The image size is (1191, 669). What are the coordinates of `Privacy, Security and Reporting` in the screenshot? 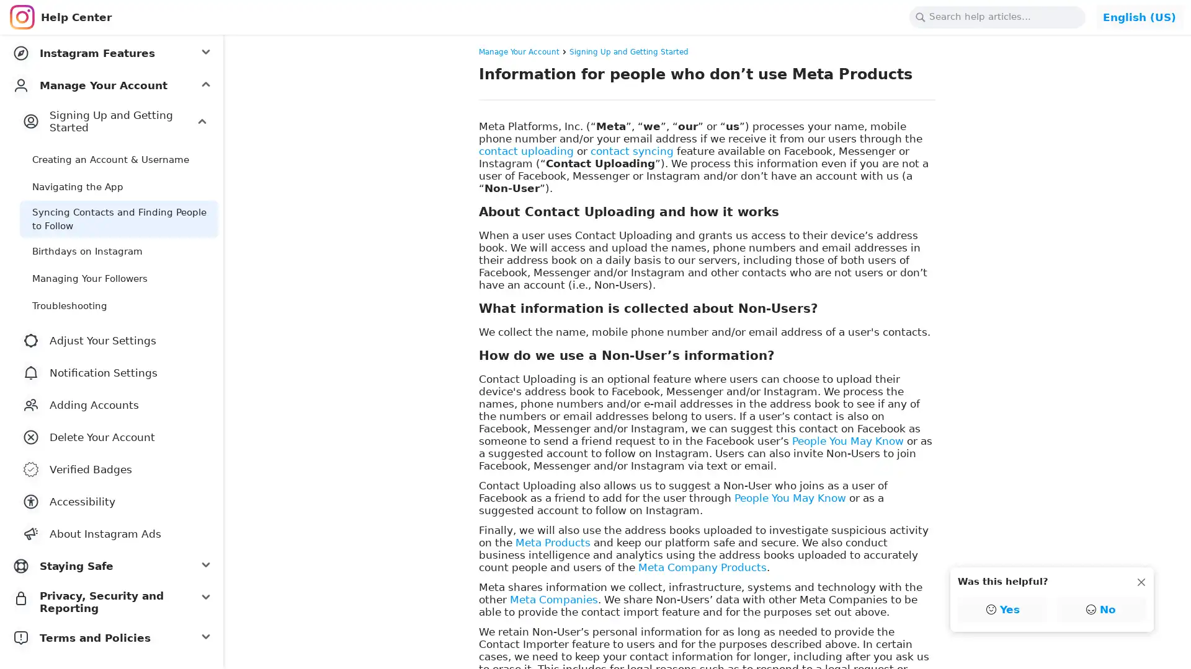 It's located at (112, 601).